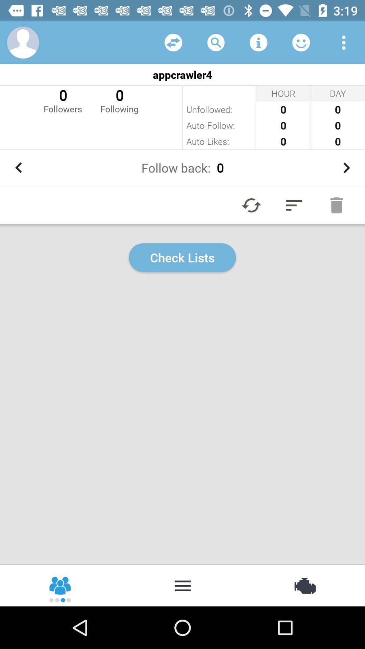  Describe the element at coordinates (63, 100) in the screenshot. I see `item below the appcrawler4 icon` at that location.